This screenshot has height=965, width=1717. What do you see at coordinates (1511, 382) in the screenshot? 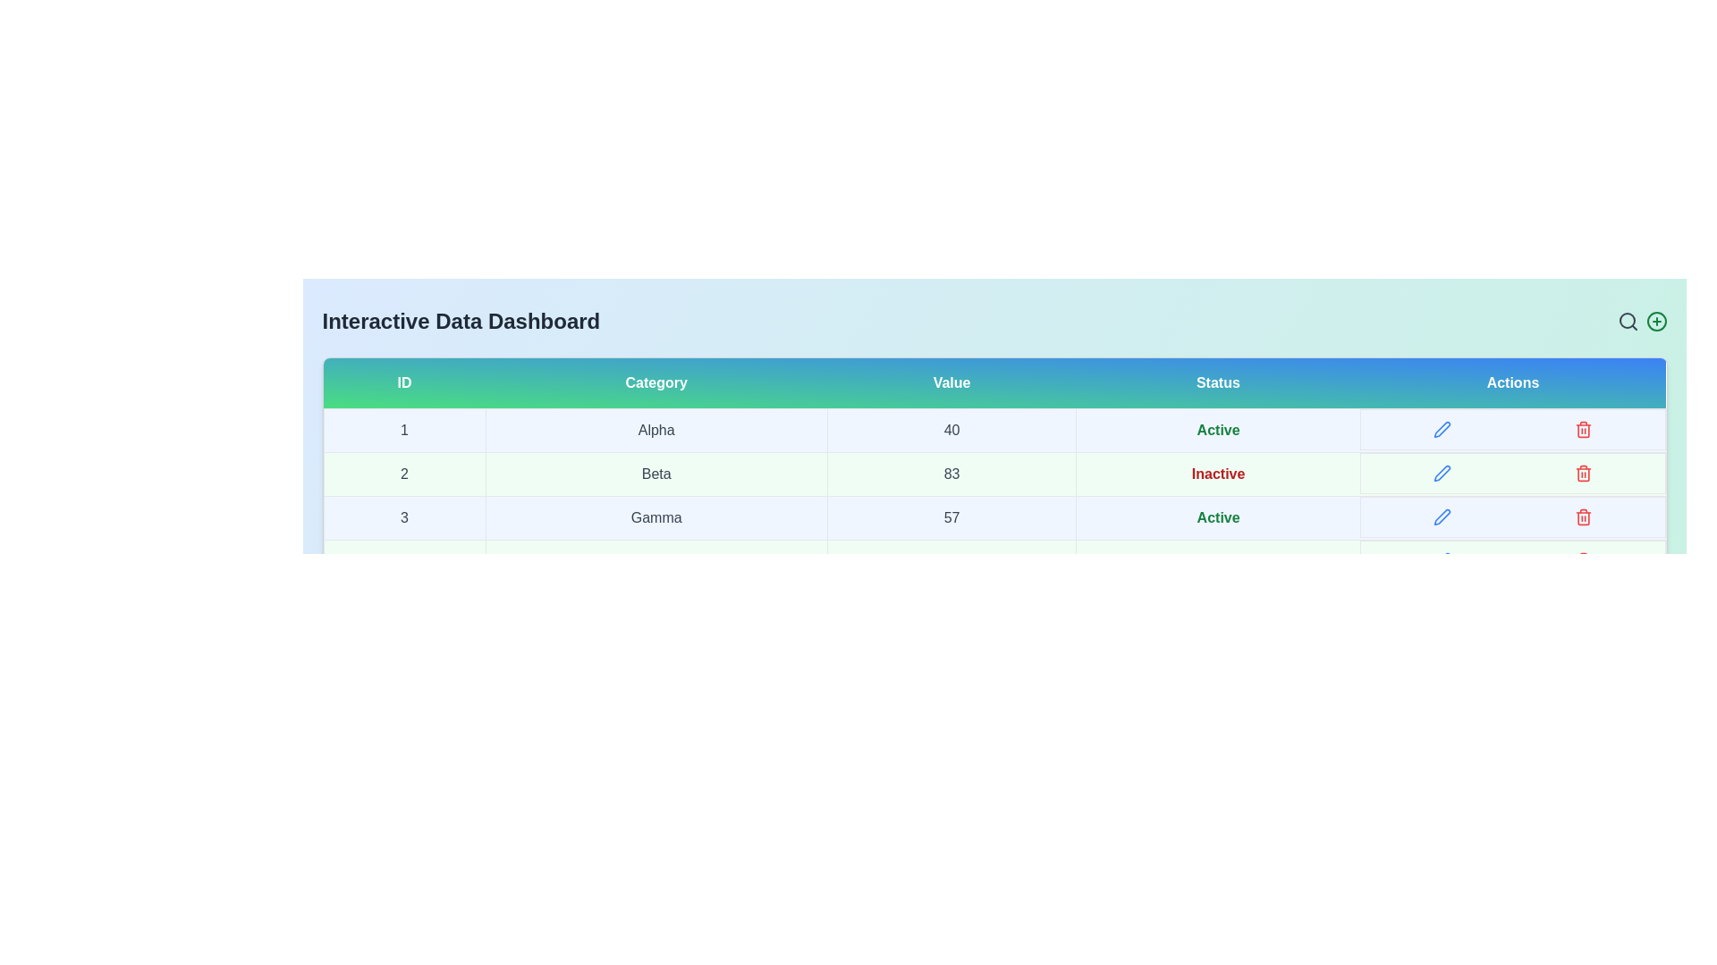
I see `the table header Actions to sort or filter the data` at bounding box center [1511, 382].